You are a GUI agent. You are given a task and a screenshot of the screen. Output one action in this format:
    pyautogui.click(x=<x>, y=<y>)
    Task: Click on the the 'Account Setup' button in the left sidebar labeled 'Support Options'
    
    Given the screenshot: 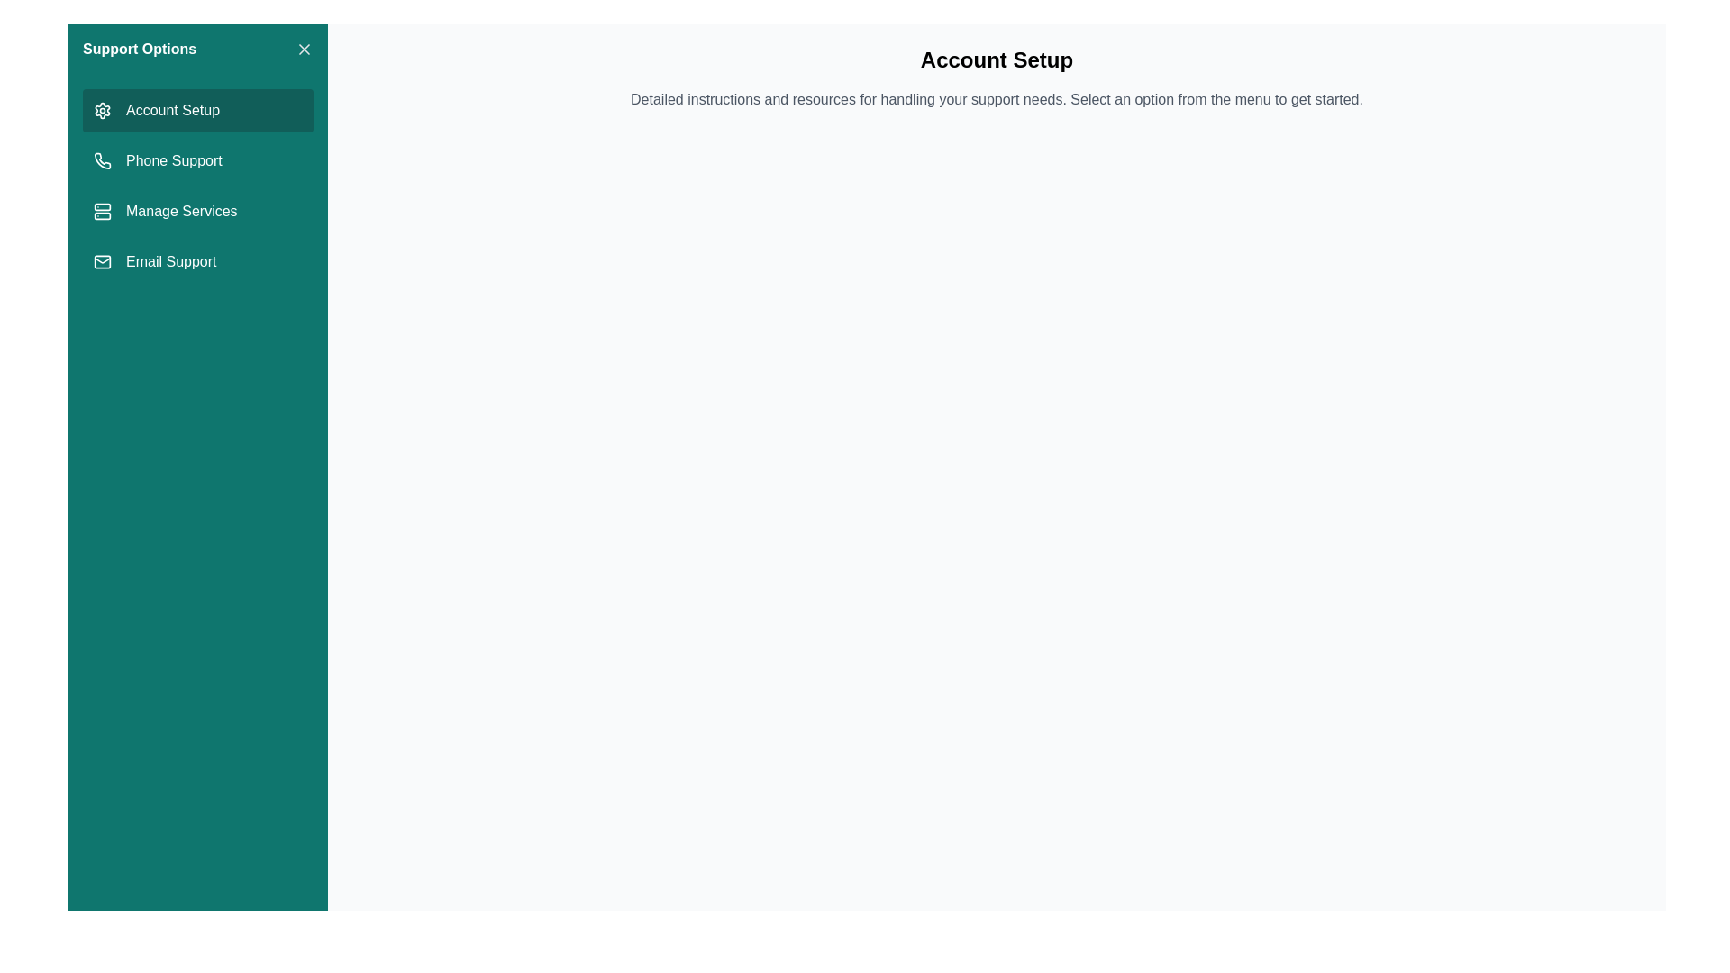 What is the action you would take?
    pyautogui.click(x=198, y=111)
    